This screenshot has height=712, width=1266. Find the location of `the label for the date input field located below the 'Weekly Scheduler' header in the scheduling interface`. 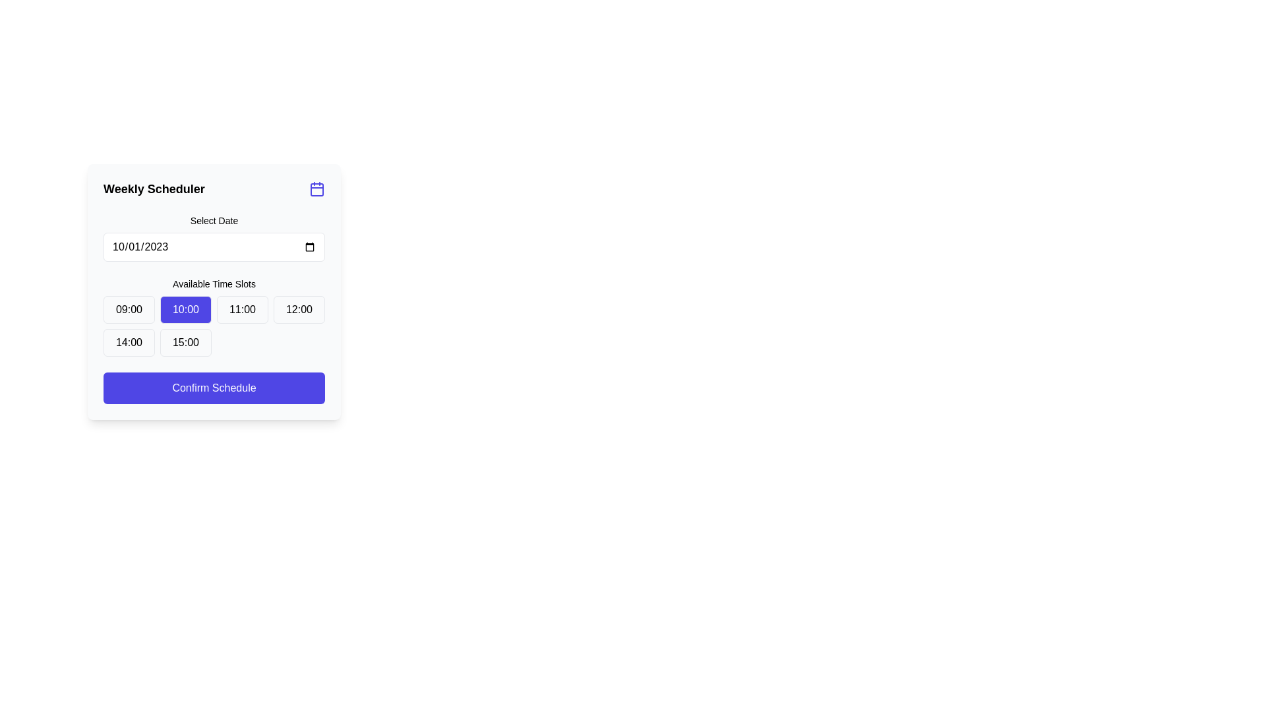

the label for the date input field located below the 'Weekly Scheduler' header in the scheduling interface is located at coordinates (214, 220).